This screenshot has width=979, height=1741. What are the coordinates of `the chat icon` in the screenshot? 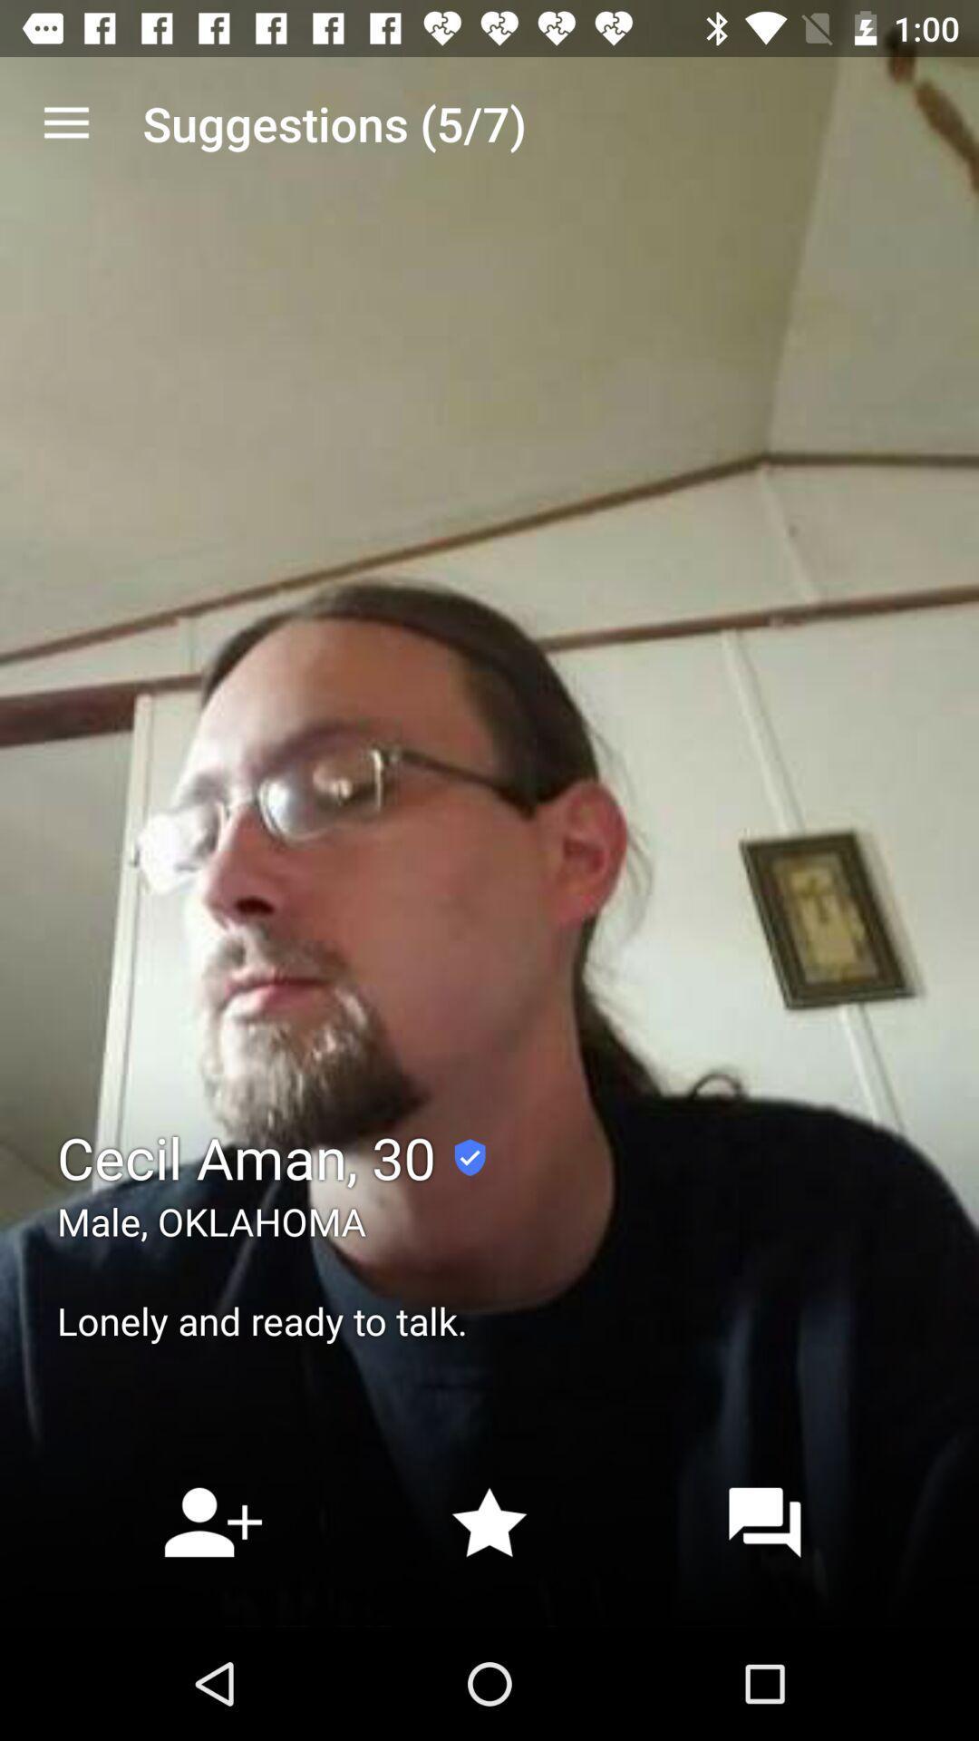 It's located at (764, 1522).